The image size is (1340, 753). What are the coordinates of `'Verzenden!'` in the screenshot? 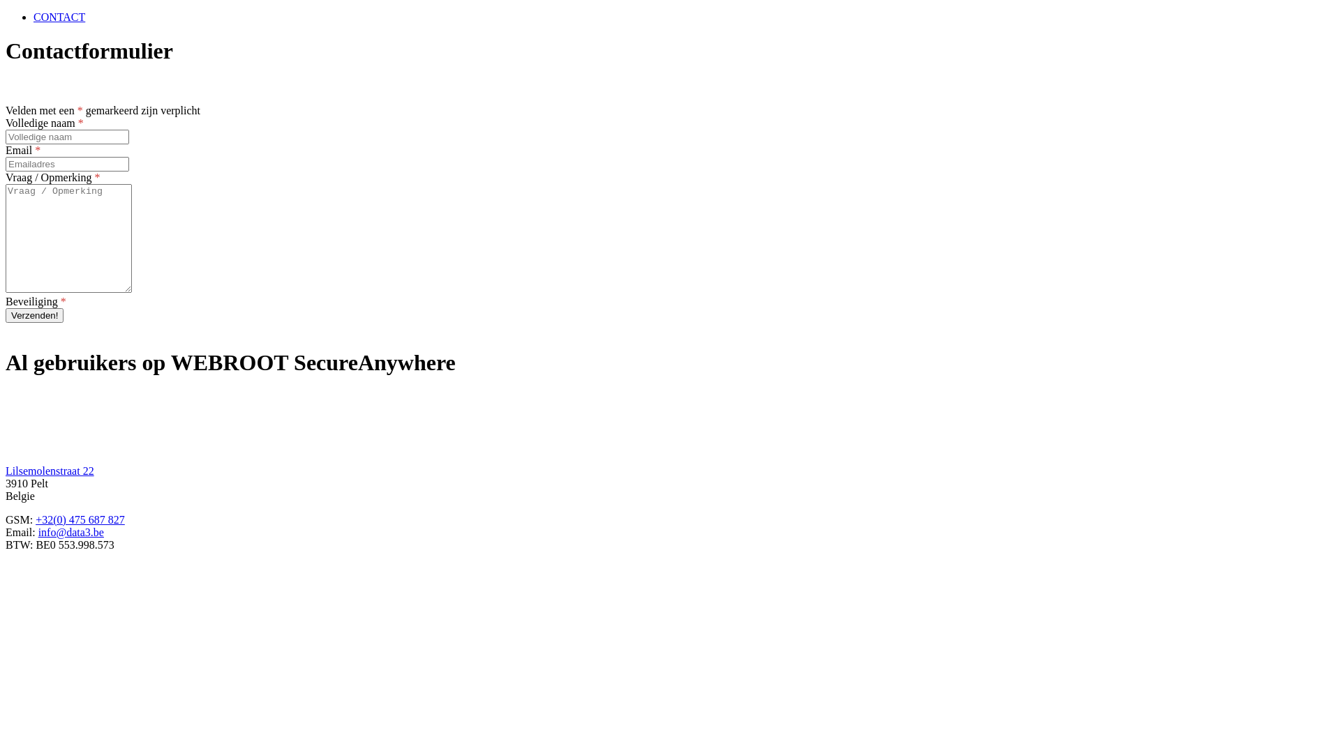 It's located at (6, 315).